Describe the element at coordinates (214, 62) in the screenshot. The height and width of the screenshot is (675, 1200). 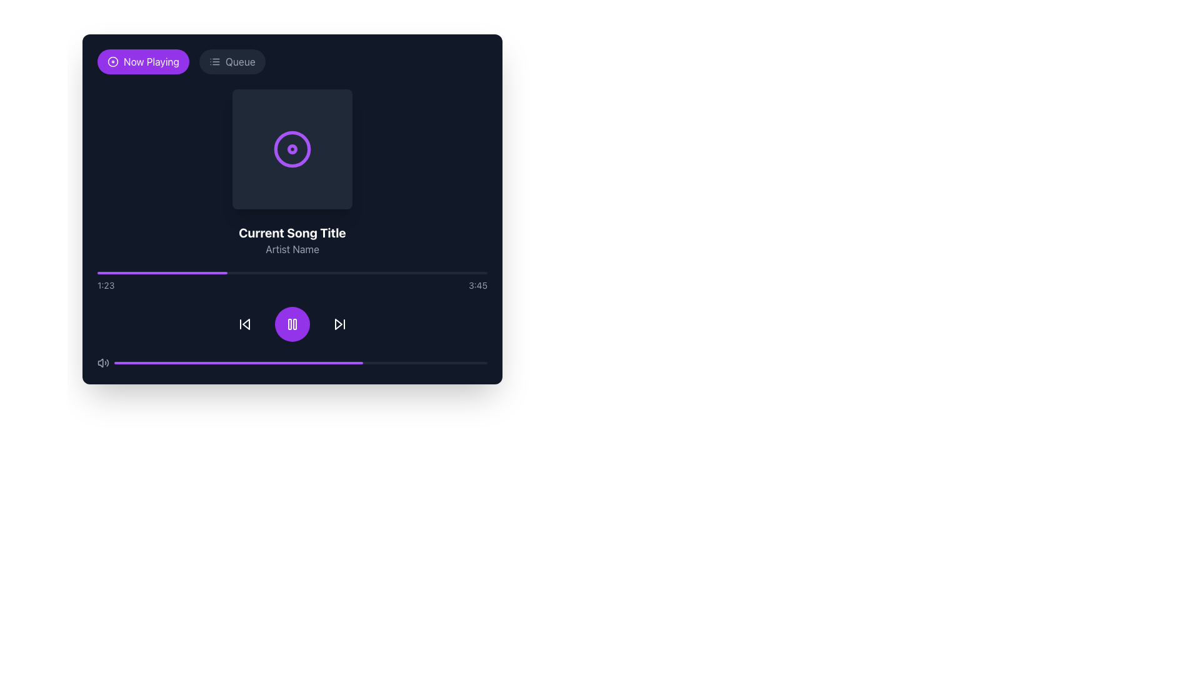
I see `the list icon, which consists of three horizontal lines arranged vertically, located to the left of the 'Queue' button in the top-right corner of the interface` at that location.